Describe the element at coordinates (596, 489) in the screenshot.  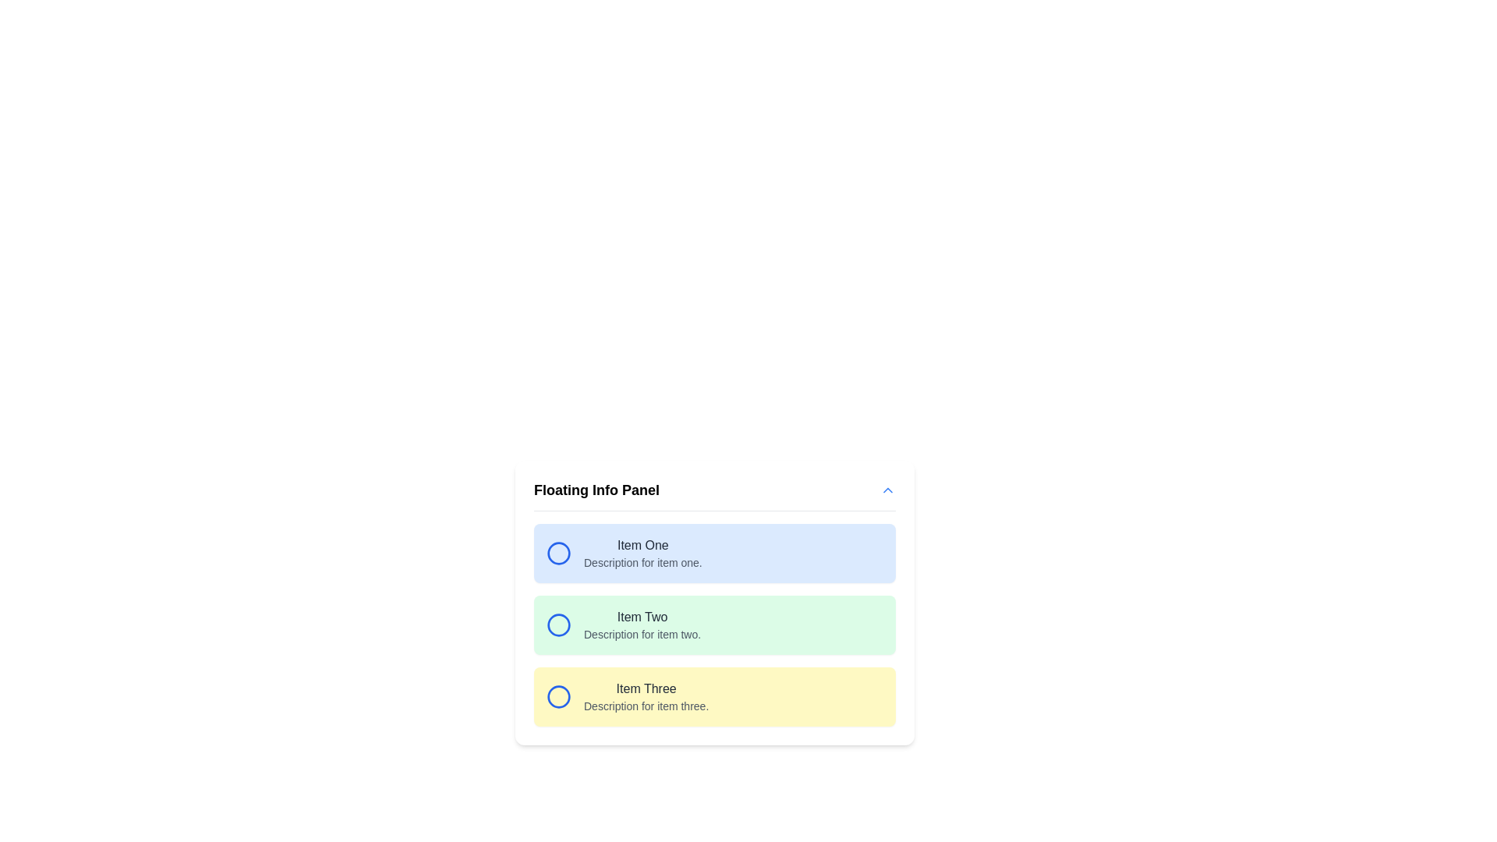
I see `the static text label that serves as a heading or title for the panel, providing context to users about the panel's content` at that location.